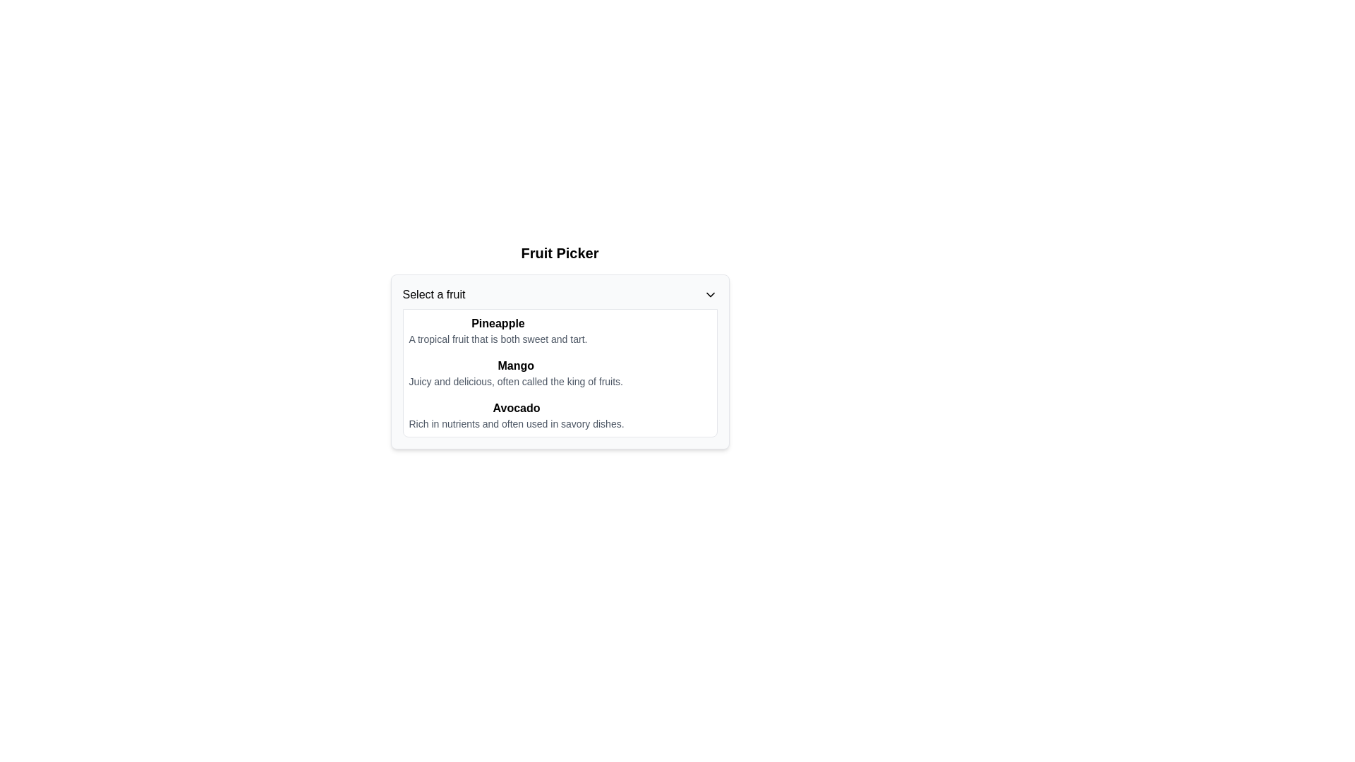 Image resolution: width=1355 pixels, height=762 pixels. Describe the element at coordinates (516, 423) in the screenshot. I see `the Text Label that provides a descriptive explanation for the item labeled 'Avocado', located directly below the bold title 'Avocado'` at that location.